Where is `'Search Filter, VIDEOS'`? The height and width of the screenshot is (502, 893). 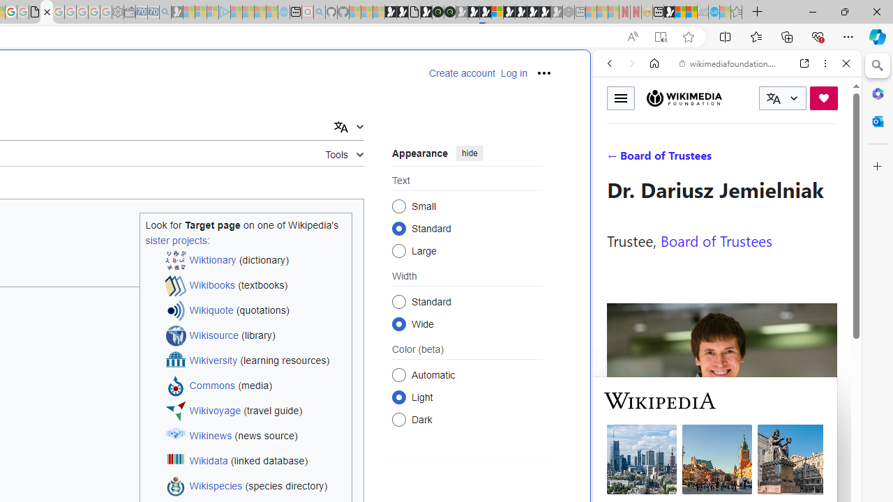
'Search Filter, VIDEOS' is located at coordinates (702, 158).